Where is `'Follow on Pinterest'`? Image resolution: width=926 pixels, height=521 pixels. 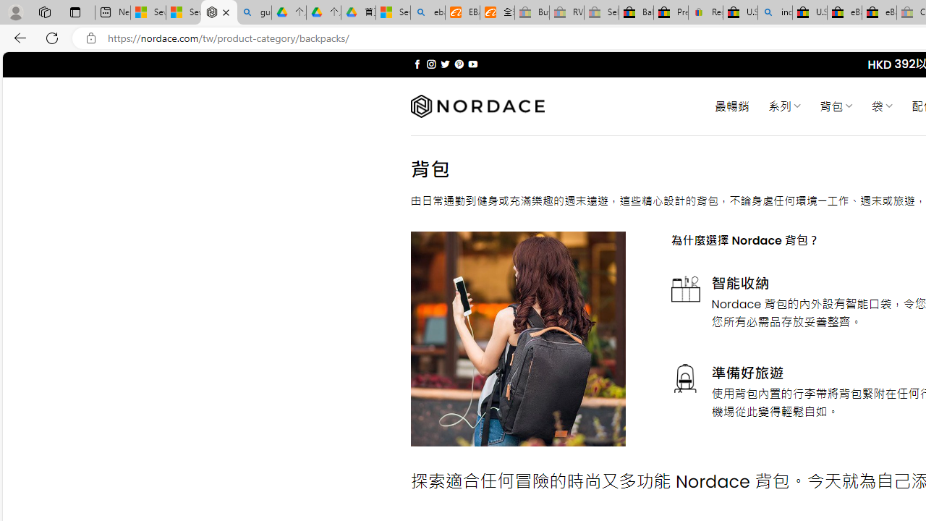 'Follow on Pinterest' is located at coordinates (458, 64).